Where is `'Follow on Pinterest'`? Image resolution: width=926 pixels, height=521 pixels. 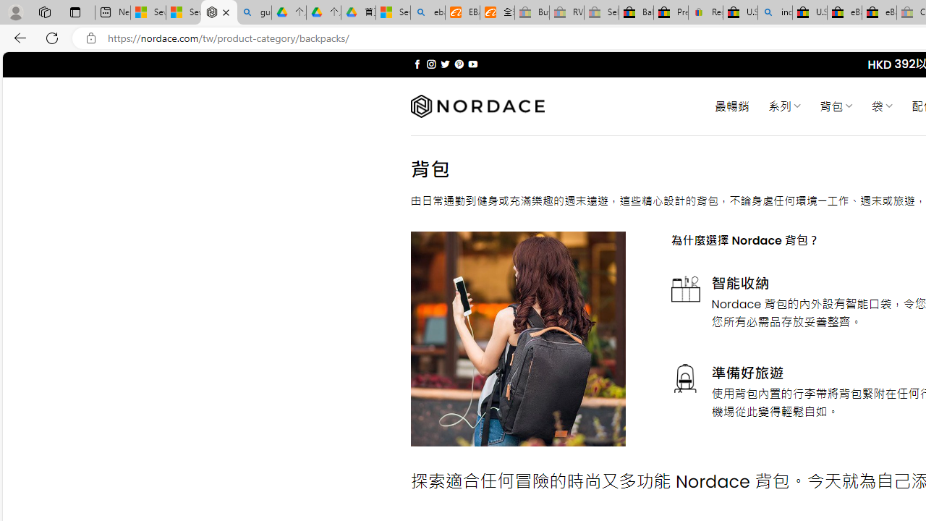 'Follow on Pinterest' is located at coordinates (458, 64).